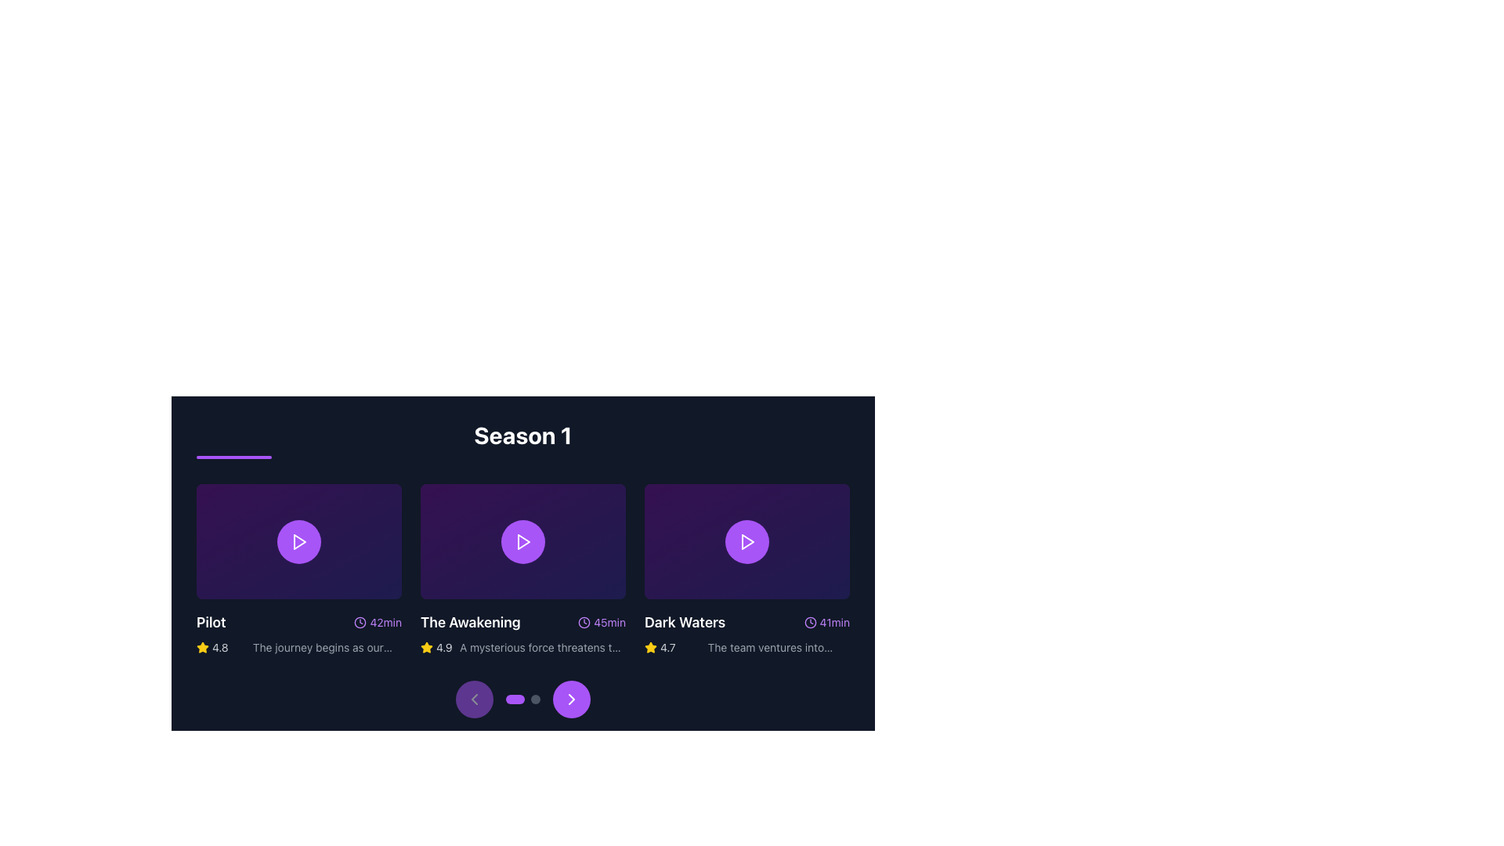 The image size is (1504, 846). What do you see at coordinates (650, 648) in the screenshot?
I see `the star icon indicating the rating of 'The Awakening', positioned below the title in the second column of the card layout` at bounding box center [650, 648].